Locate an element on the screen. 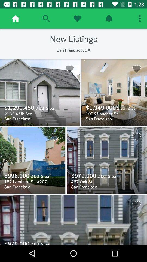 This screenshot has width=147, height=262. access main page is located at coordinates (16, 19).